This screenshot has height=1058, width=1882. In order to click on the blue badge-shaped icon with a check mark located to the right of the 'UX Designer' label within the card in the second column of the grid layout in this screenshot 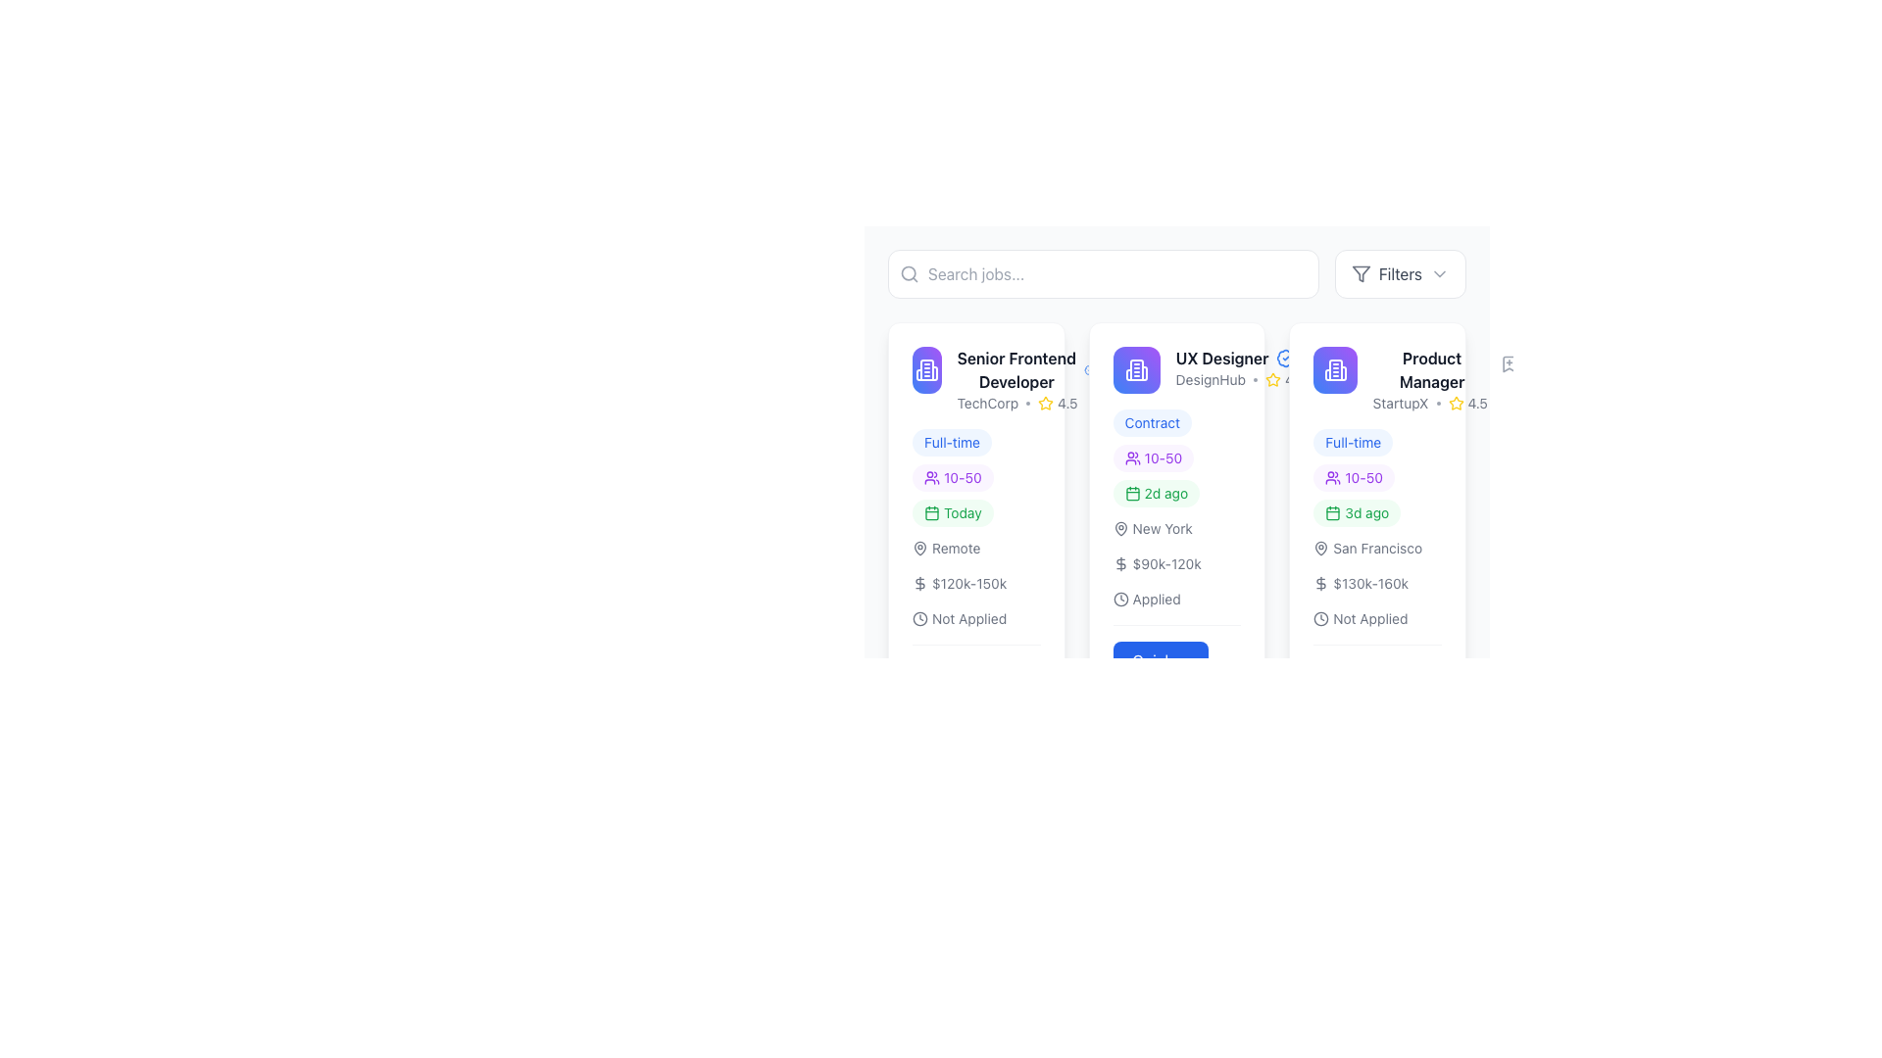, I will do `click(1286, 359)`.